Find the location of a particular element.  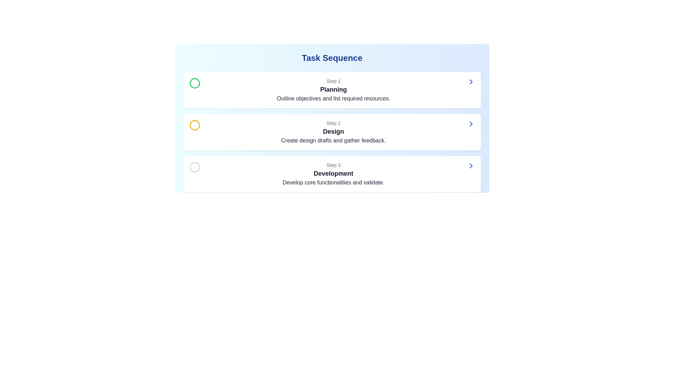

the right-pointing chevron arrow icon located in the top-right corner of the 'Step 1 Planning' card is located at coordinates (471, 82).